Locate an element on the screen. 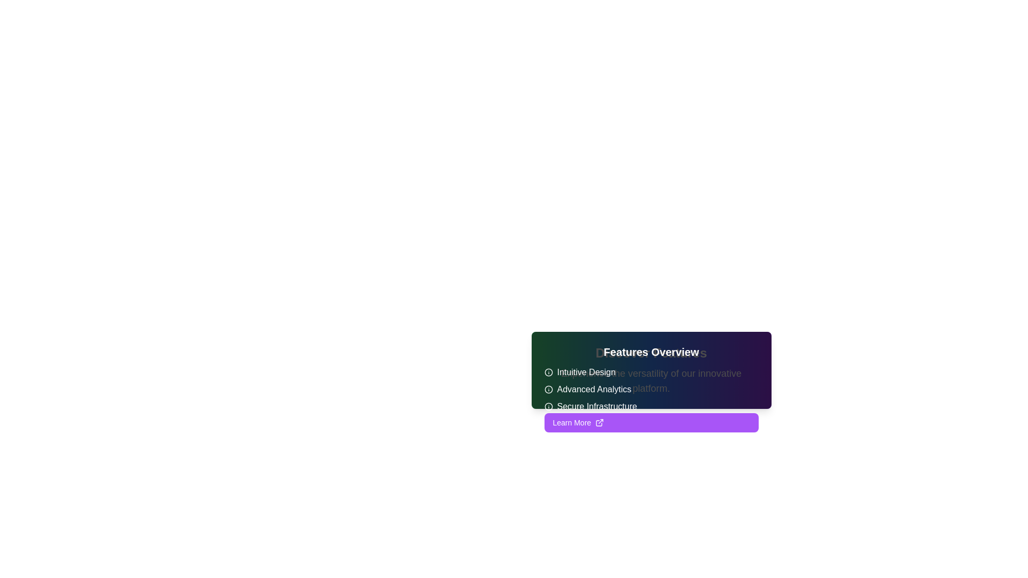  the third item labeled under the 'Features Overview' section, which is located below 'Advanced Analytics' is located at coordinates (651, 406).